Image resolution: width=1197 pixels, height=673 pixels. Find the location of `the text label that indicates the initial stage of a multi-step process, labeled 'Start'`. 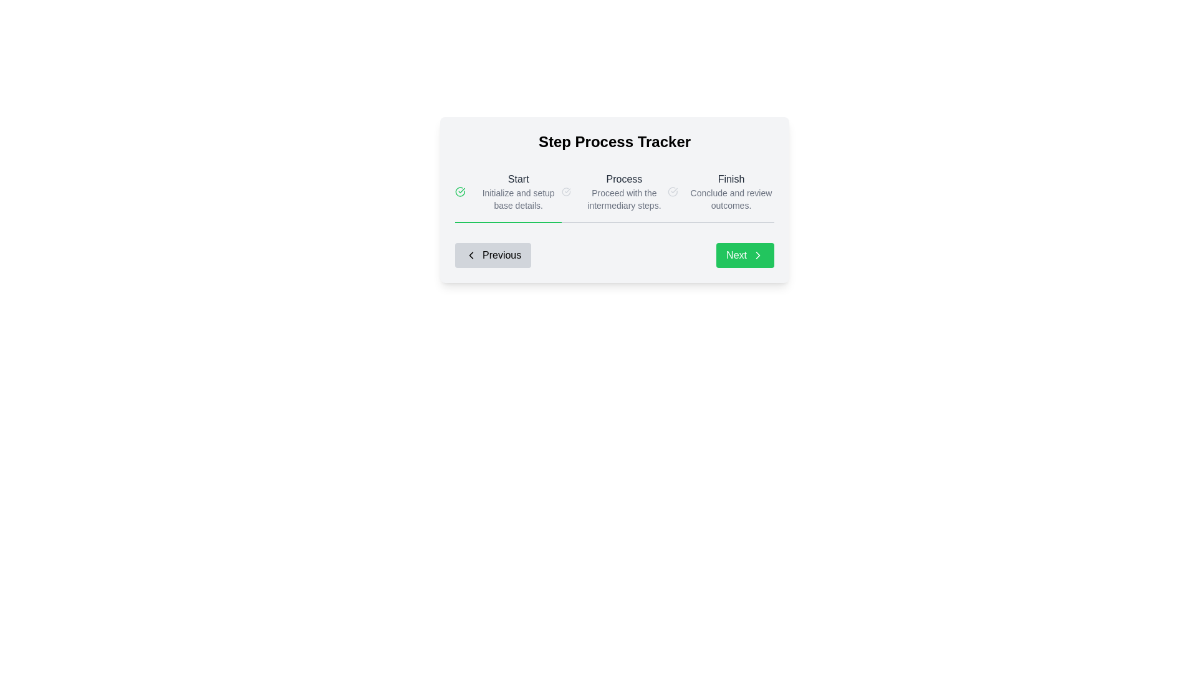

the text label that indicates the initial stage of a multi-step process, labeled 'Start' is located at coordinates (518, 179).